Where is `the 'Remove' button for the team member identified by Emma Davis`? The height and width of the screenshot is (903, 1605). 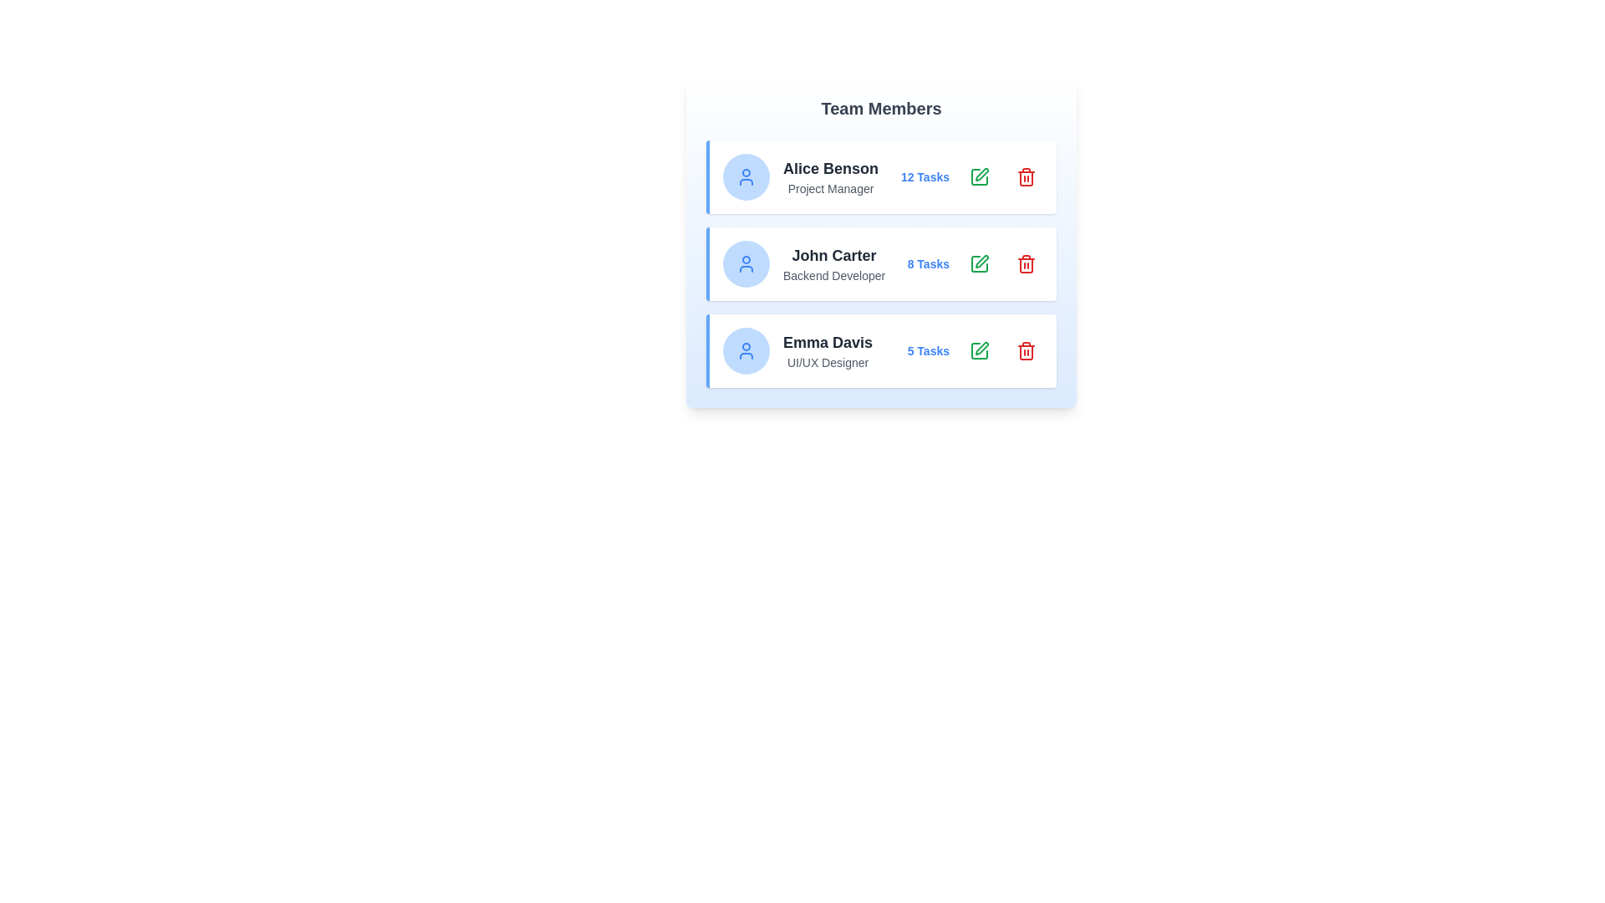
the 'Remove' button for the team member identified by Emma Davis is located at coordinates (1026, 350).